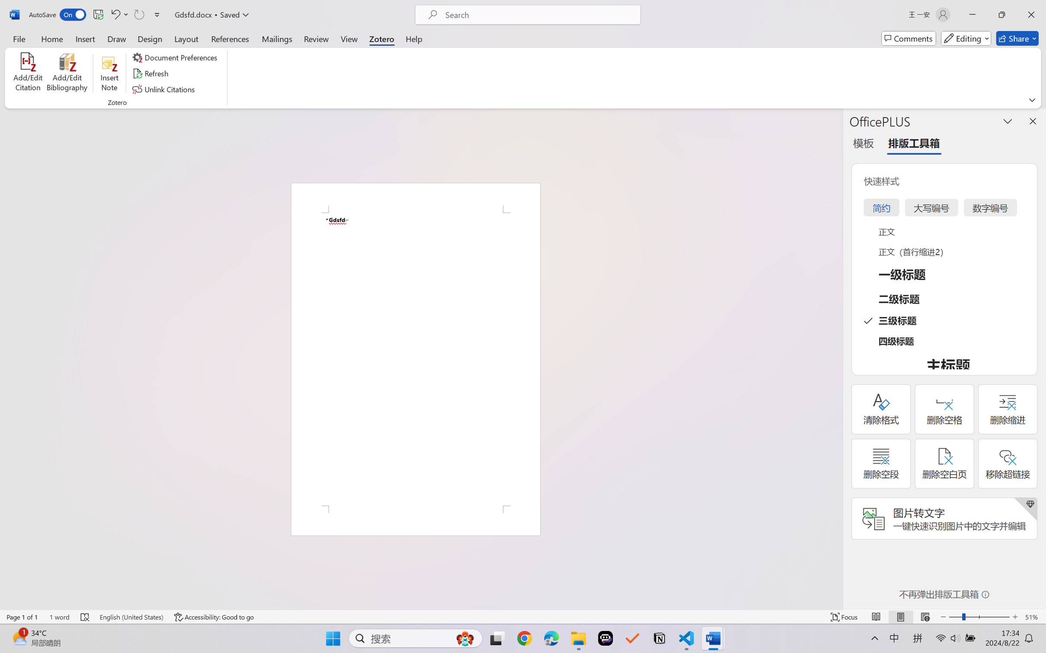  I want to click on 'Insert Note', so click(109, 73).